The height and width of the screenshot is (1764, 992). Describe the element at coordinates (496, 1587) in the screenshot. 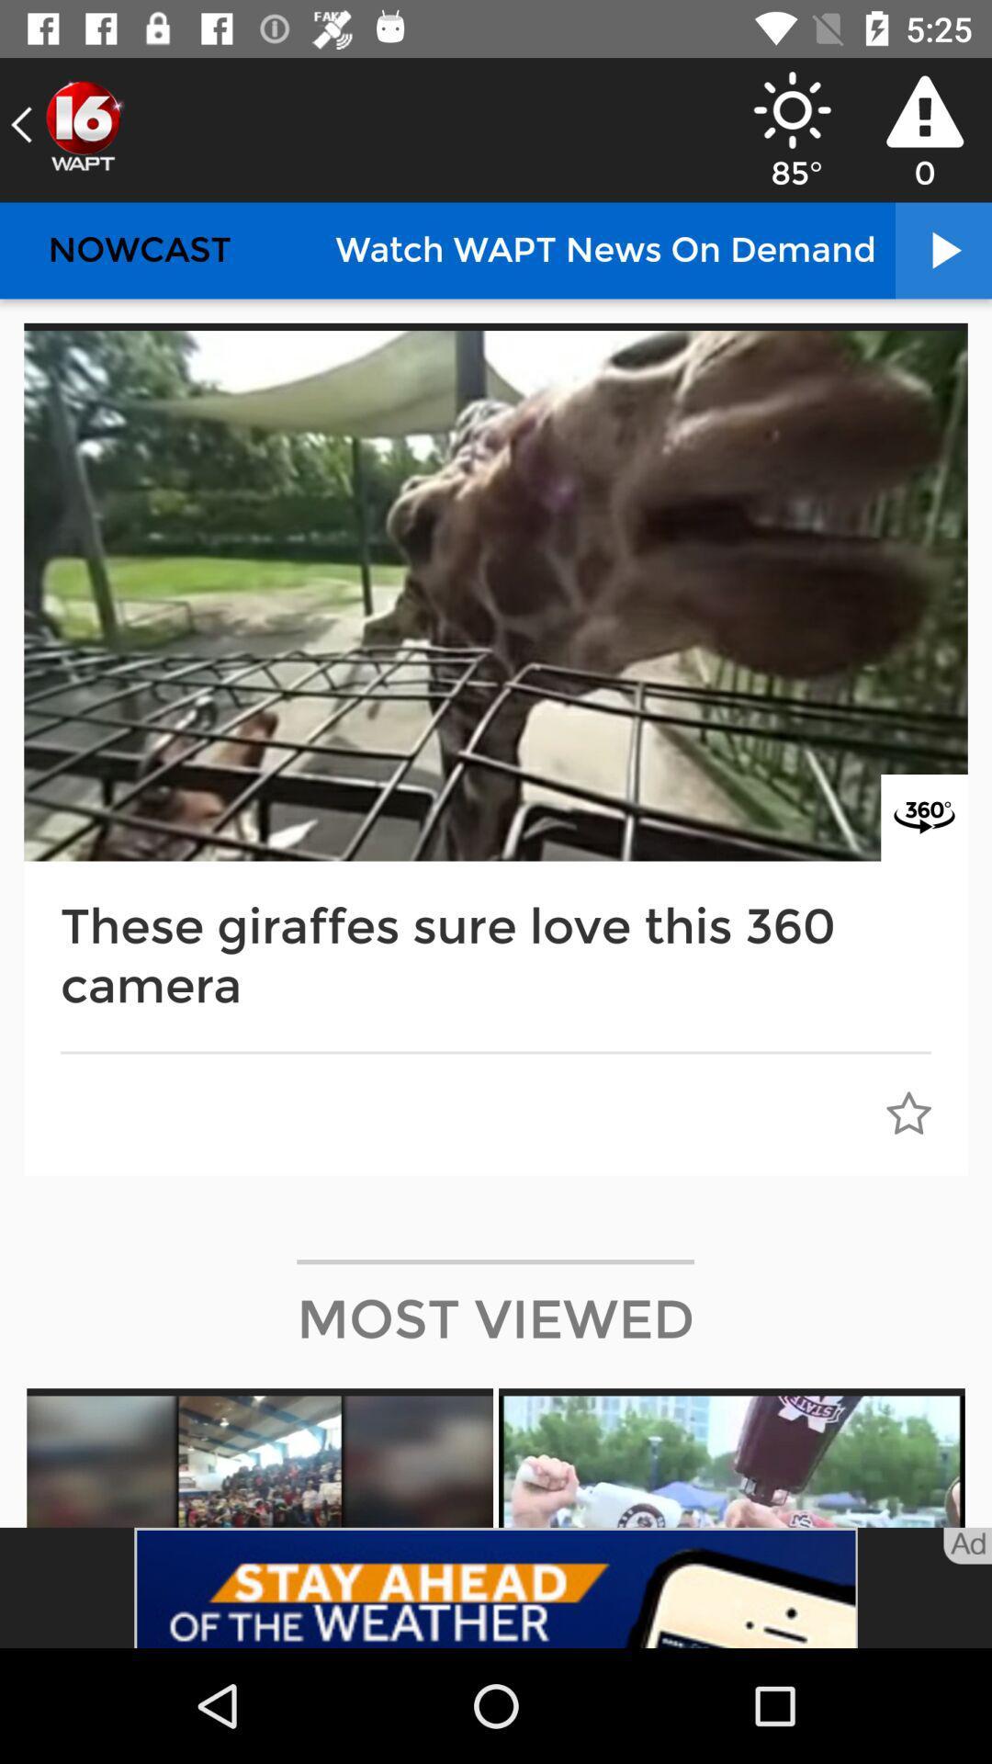

I see `advertisement` at that location.